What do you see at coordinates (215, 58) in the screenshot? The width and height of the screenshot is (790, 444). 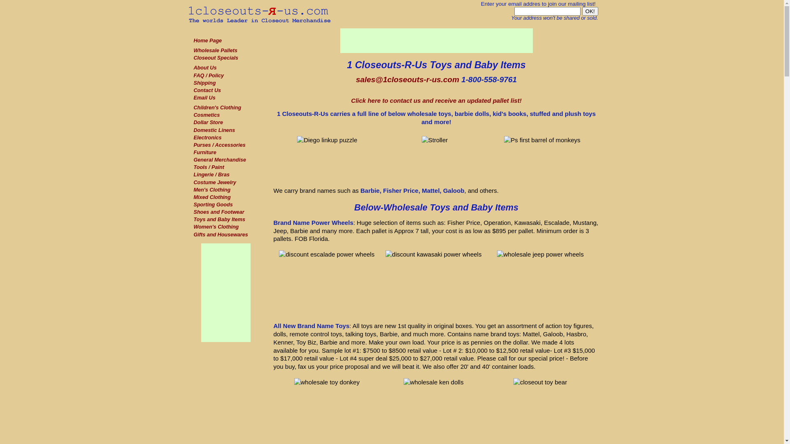 I see `'Closeout Specials'` at bounding box center [215, 58].